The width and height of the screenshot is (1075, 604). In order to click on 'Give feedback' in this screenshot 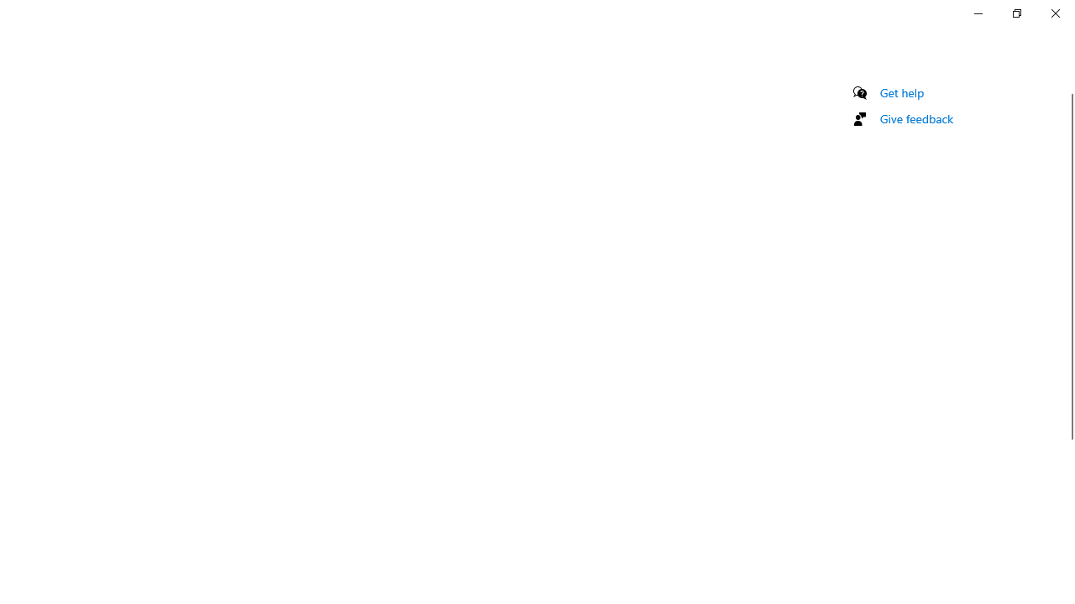, I will do `click(915, 117)`.